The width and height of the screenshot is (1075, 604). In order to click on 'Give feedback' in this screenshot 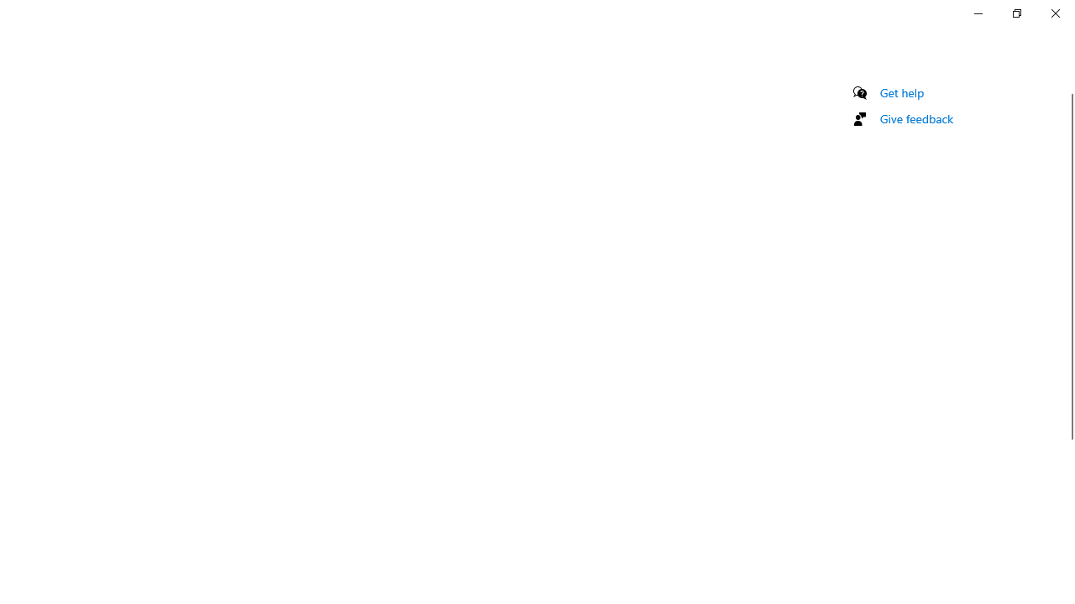, I will do `click(915, 117)`.